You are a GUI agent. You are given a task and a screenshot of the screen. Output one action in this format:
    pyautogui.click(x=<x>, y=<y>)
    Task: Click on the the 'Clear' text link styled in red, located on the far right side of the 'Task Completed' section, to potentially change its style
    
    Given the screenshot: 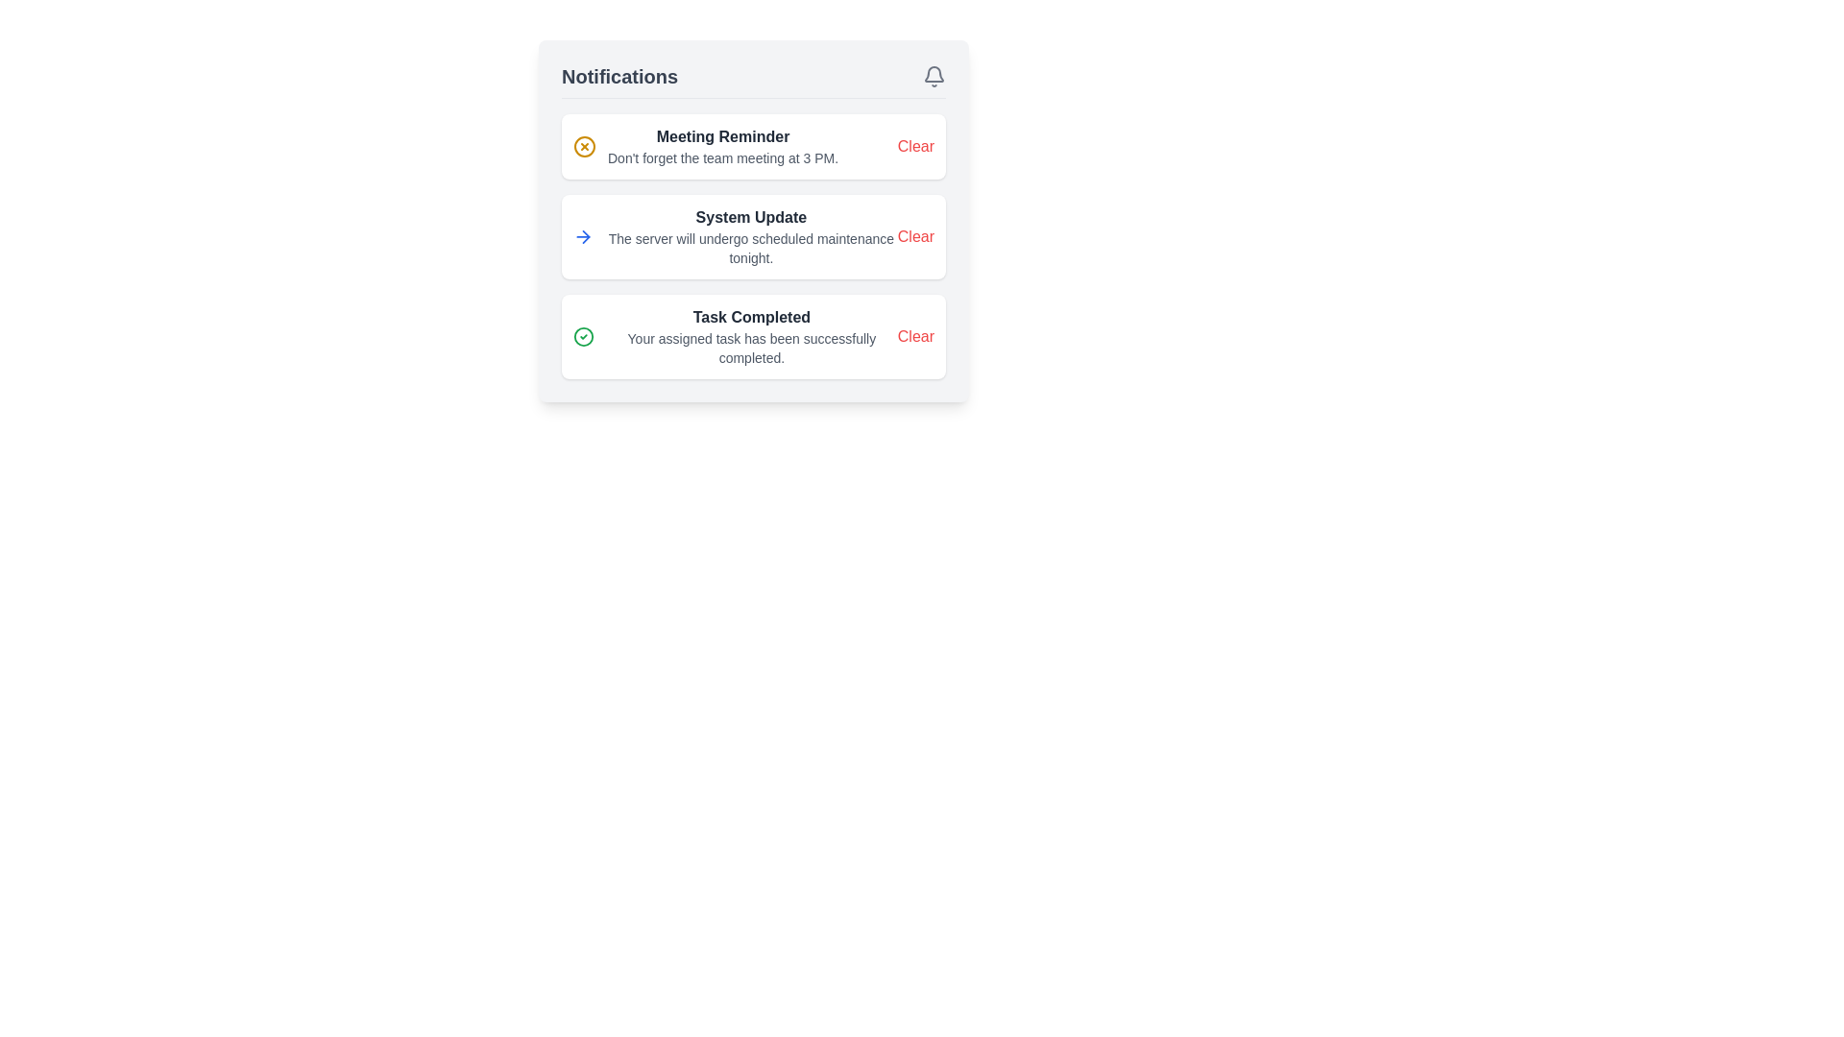 What is the action you would take?
    pyautogui.click(x=914, y=336)
    